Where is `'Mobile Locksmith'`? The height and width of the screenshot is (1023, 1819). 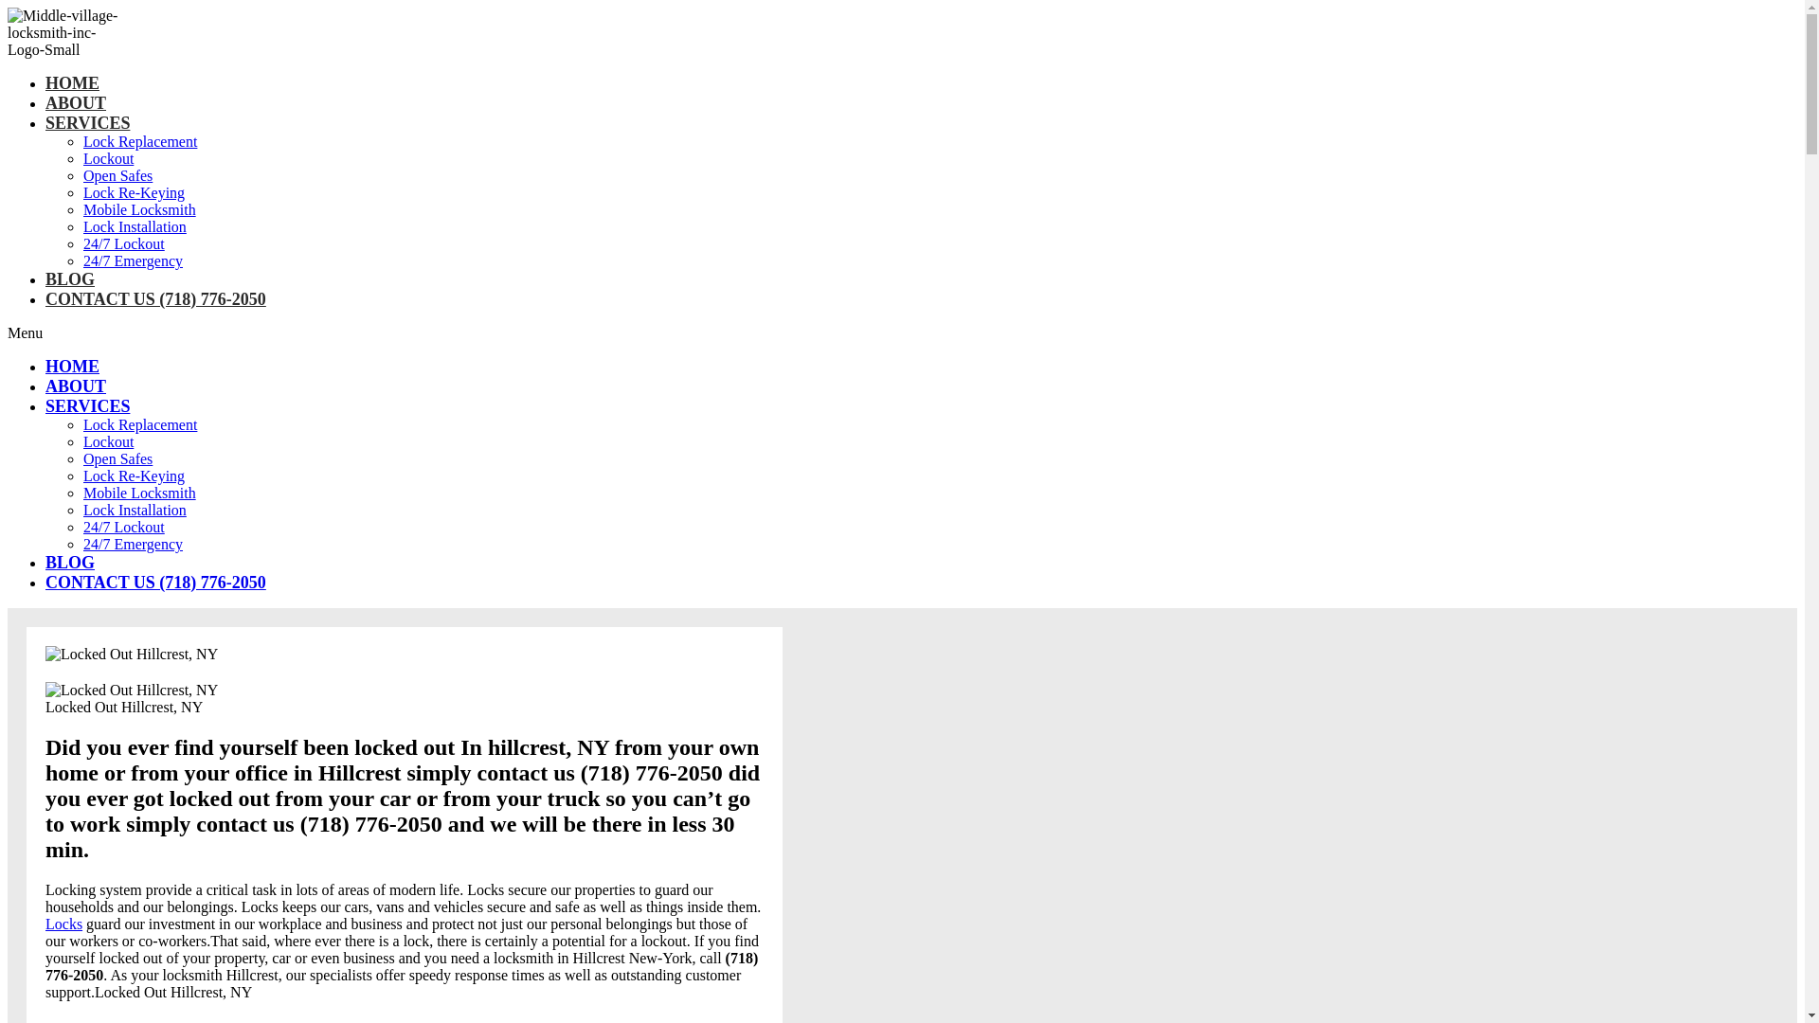 'Mobile Locksmith' is located at coordinates (81, 492).